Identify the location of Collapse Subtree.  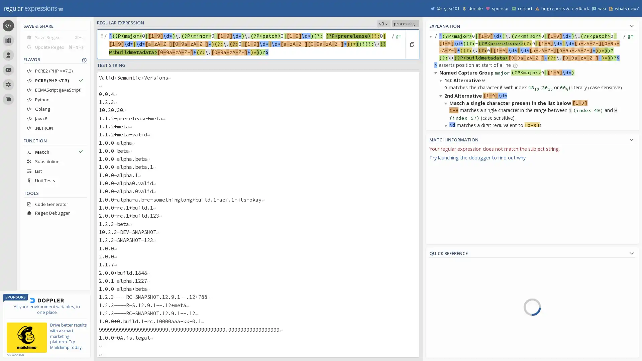
(437, 239).